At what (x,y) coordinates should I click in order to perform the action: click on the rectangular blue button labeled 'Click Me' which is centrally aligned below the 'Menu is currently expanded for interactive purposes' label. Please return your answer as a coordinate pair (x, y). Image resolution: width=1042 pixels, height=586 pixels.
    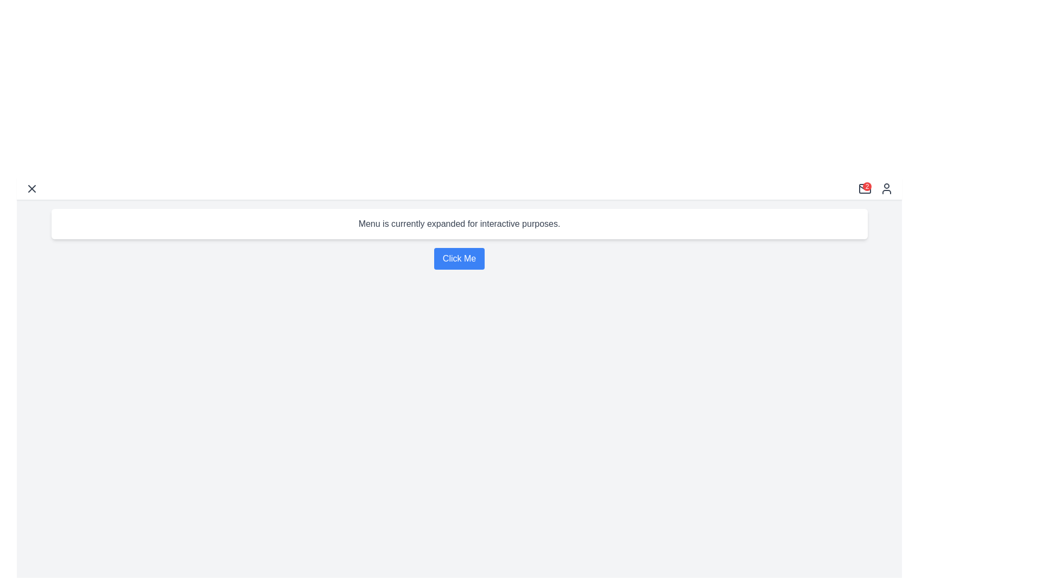
    Looking at the image, I should click on (459, 259).